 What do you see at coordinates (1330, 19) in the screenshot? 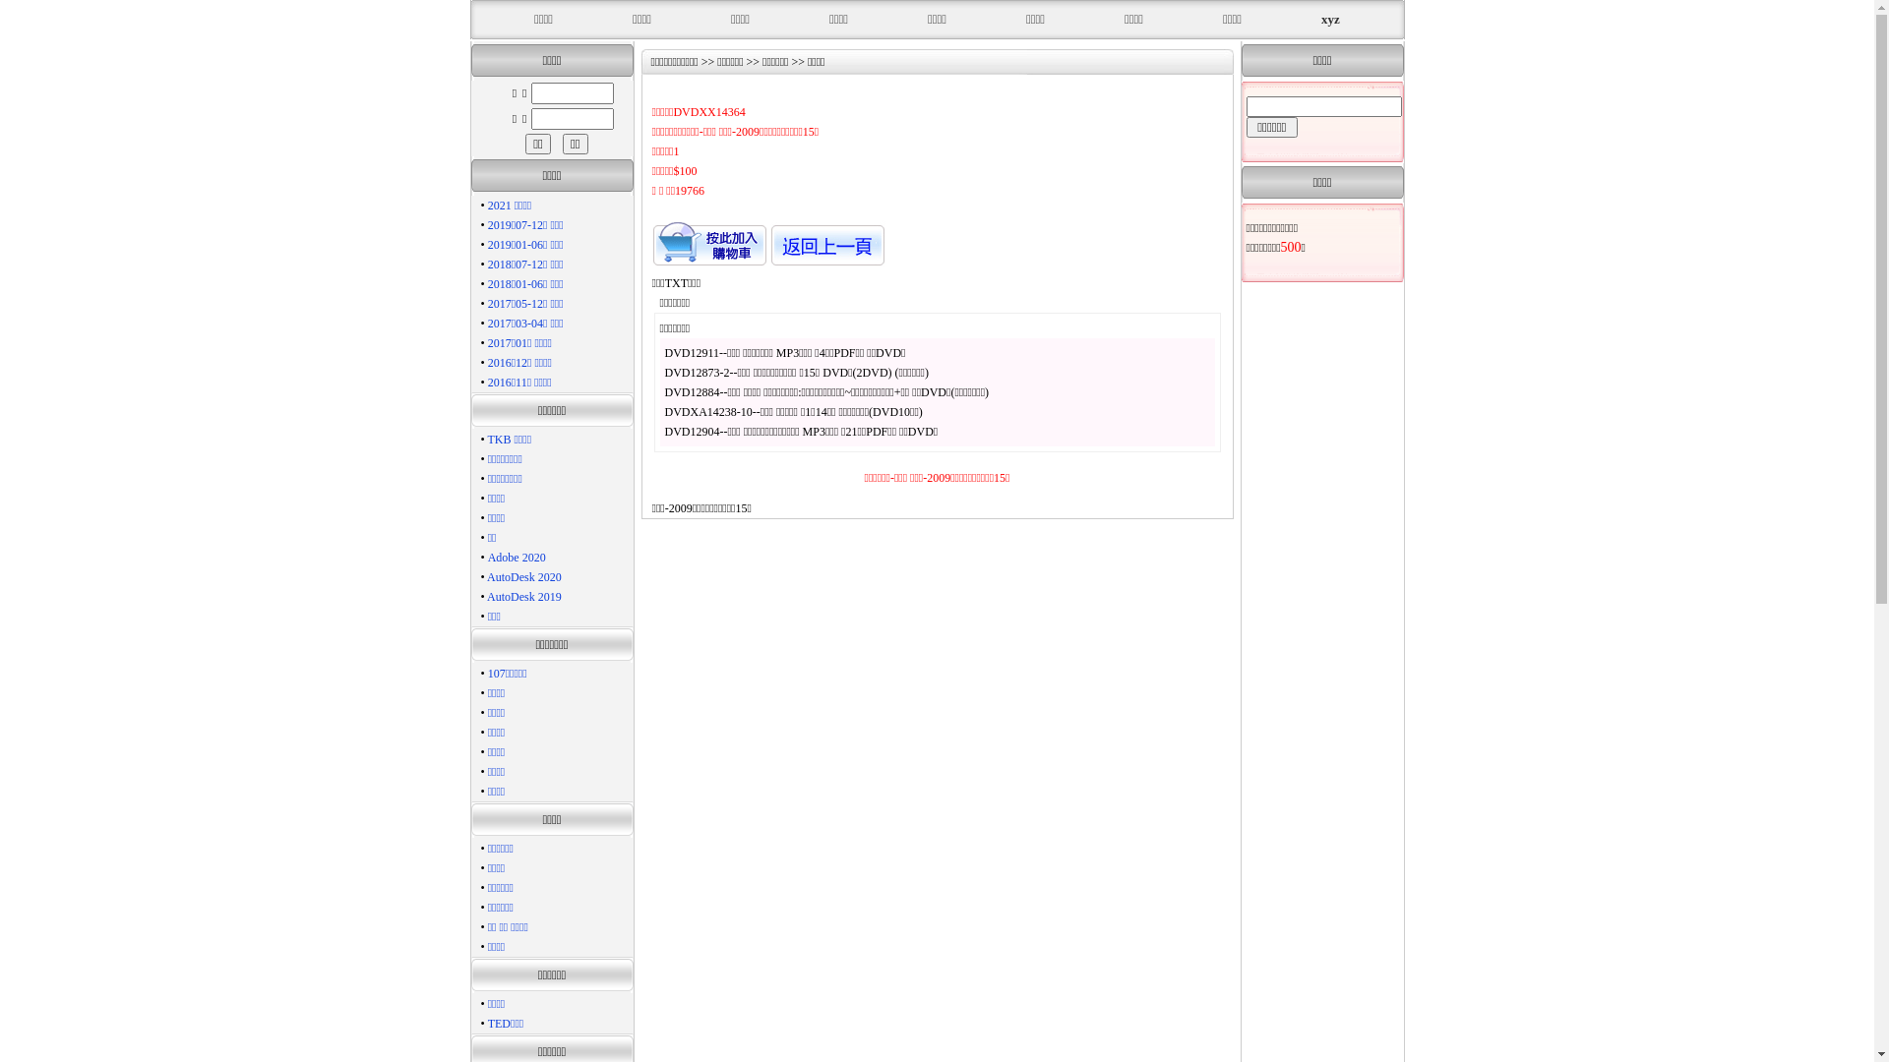
I see `'xyz'` at bounding box center [1330, 19].